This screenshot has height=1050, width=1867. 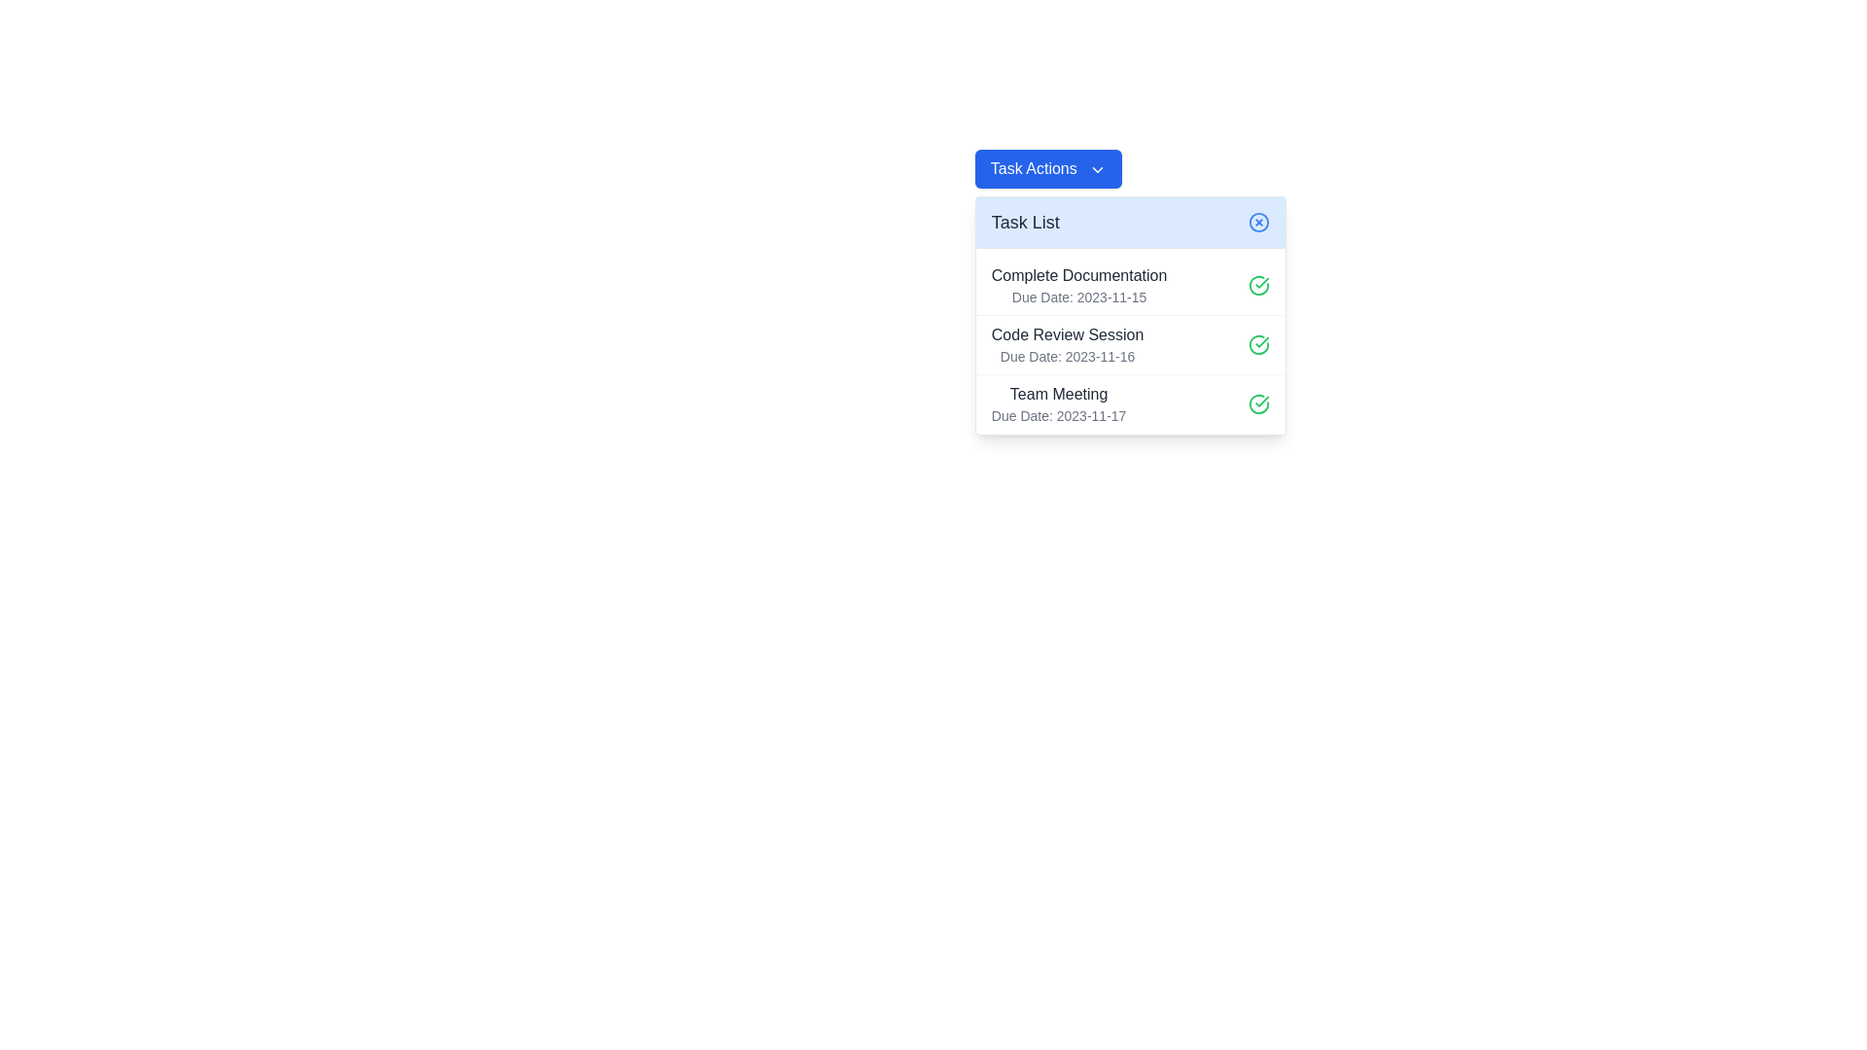 What do you see at coordinates (1258, 403) in the screenshot?
I see `the circular green checkmark icon indicating a completed status, located on the right side of the 'Team Meeting' list item in the 'Task List' interface` at bounding box center [1258, 403].